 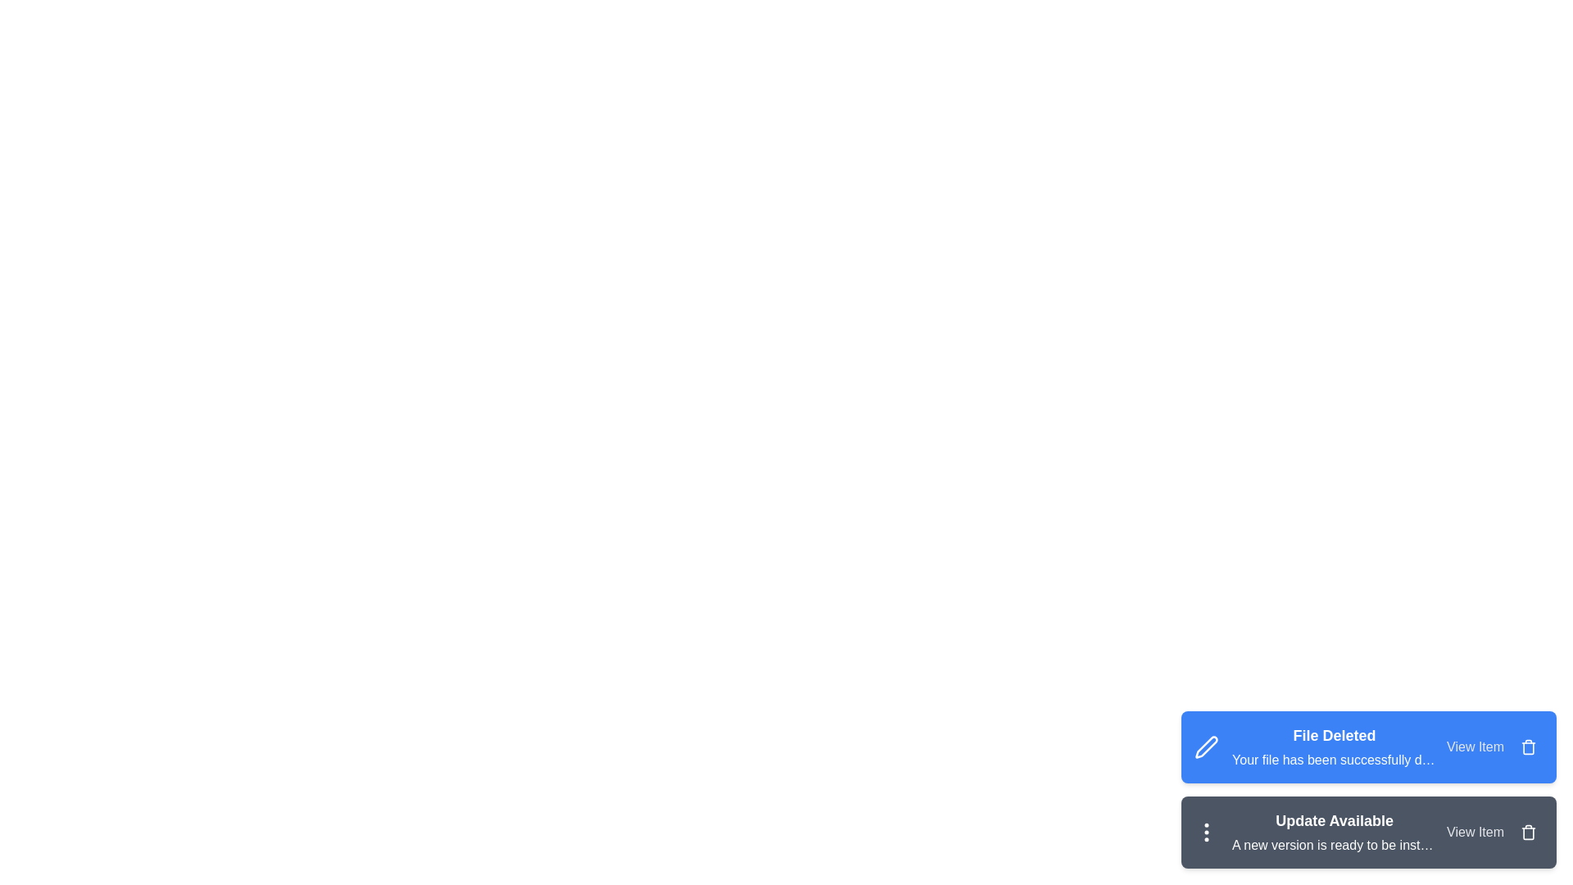 What do you see at coordinates (1207, 747) in the screenshot?
I see `the notification icon (pencil or vertical dots) of the first notification` at bounding box center [1207, 747].